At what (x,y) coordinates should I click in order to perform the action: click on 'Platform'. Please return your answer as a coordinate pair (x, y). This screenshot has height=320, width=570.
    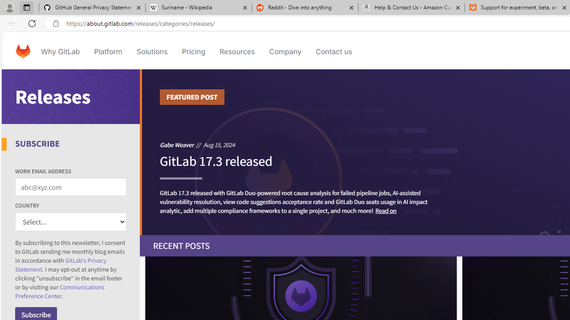
    Looking at the image, I should click on (108, 51).